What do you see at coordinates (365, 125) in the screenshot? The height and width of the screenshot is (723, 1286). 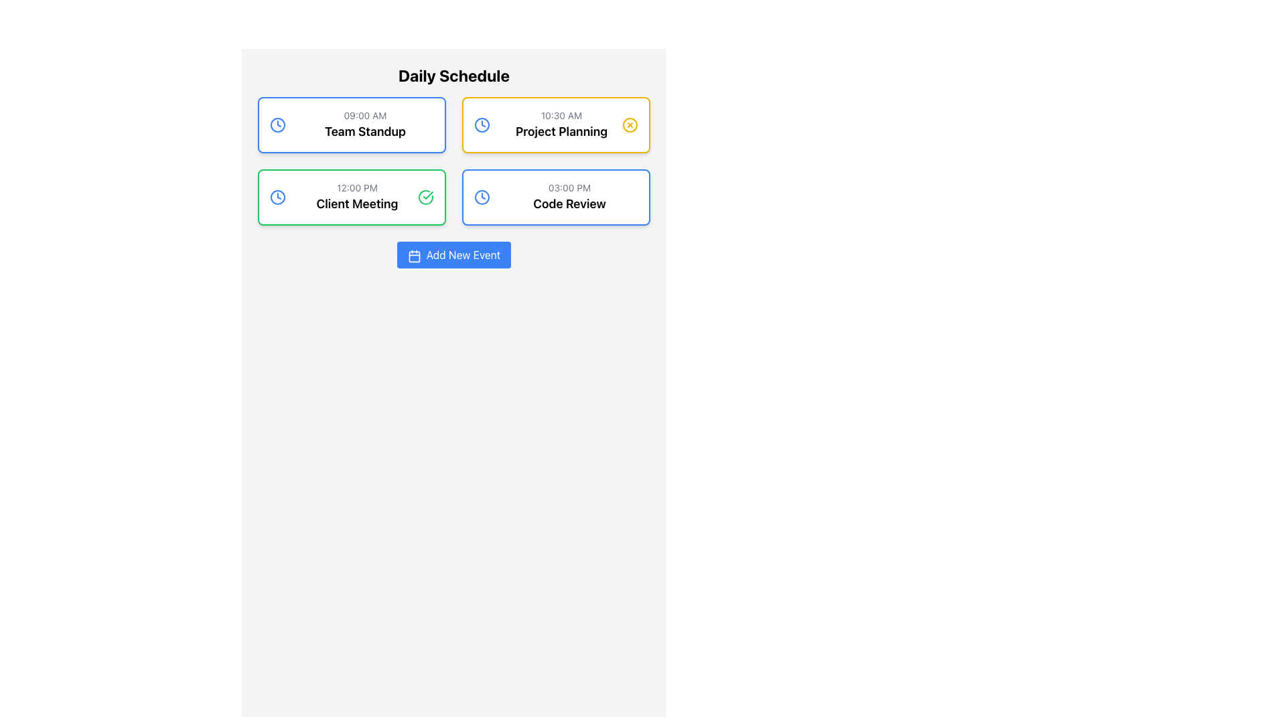 I see `the event card representing the event in the daily schedule for navigation through keyboard inputs` at bounding box center [365, 125].